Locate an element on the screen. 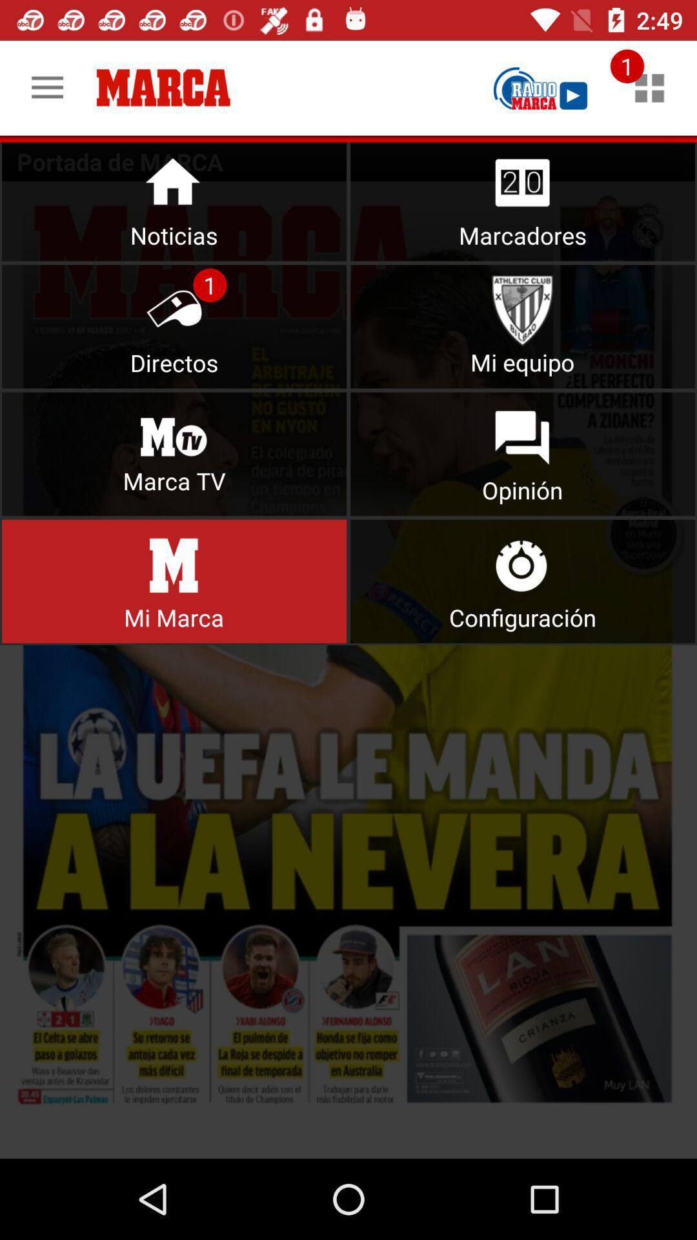 This screenshot has height=1240, width=697. marcadores icon is located at coordinates (523, 198).